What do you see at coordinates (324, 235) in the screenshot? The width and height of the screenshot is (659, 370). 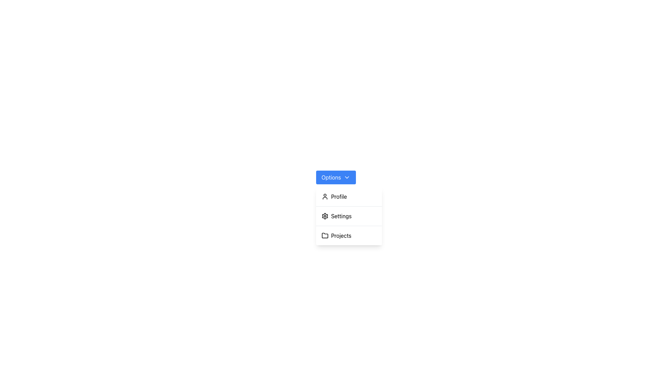 I see `the folder icon in the dropdown menu labeled 'Projects', which is visually represented with sharp lines and curves, and is positioned to the left of the text` at bounding box center [324, 235].